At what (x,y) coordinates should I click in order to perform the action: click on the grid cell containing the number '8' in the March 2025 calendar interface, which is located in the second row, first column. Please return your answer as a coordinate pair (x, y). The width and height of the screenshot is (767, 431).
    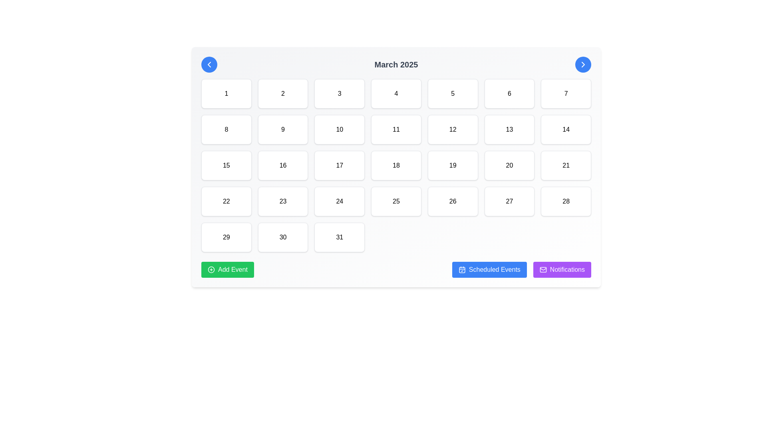
    Looking at the image, I should click on (226, 129).